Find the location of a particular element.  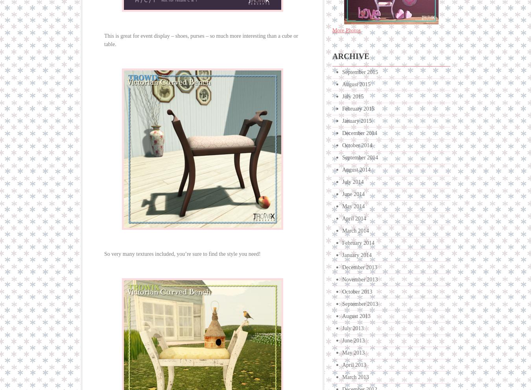

'March 2013' is located at coordinates (355, 377).